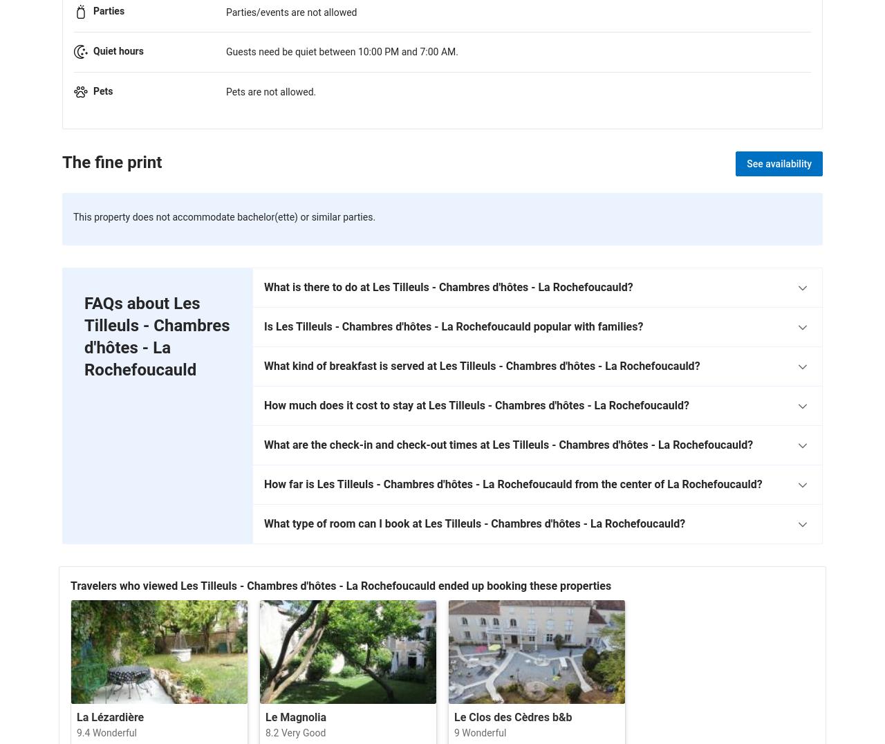 This screenshot has height=744, width=885. Describe the element at coordinates (779, 164) in the screenshot. I see `'See availability'` at that location.